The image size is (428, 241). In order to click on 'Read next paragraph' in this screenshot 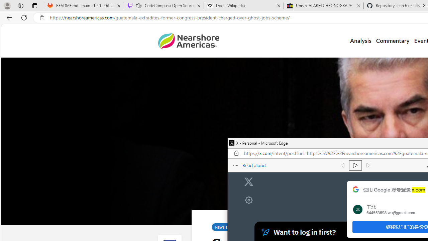, I will do `click(368, 165)`.